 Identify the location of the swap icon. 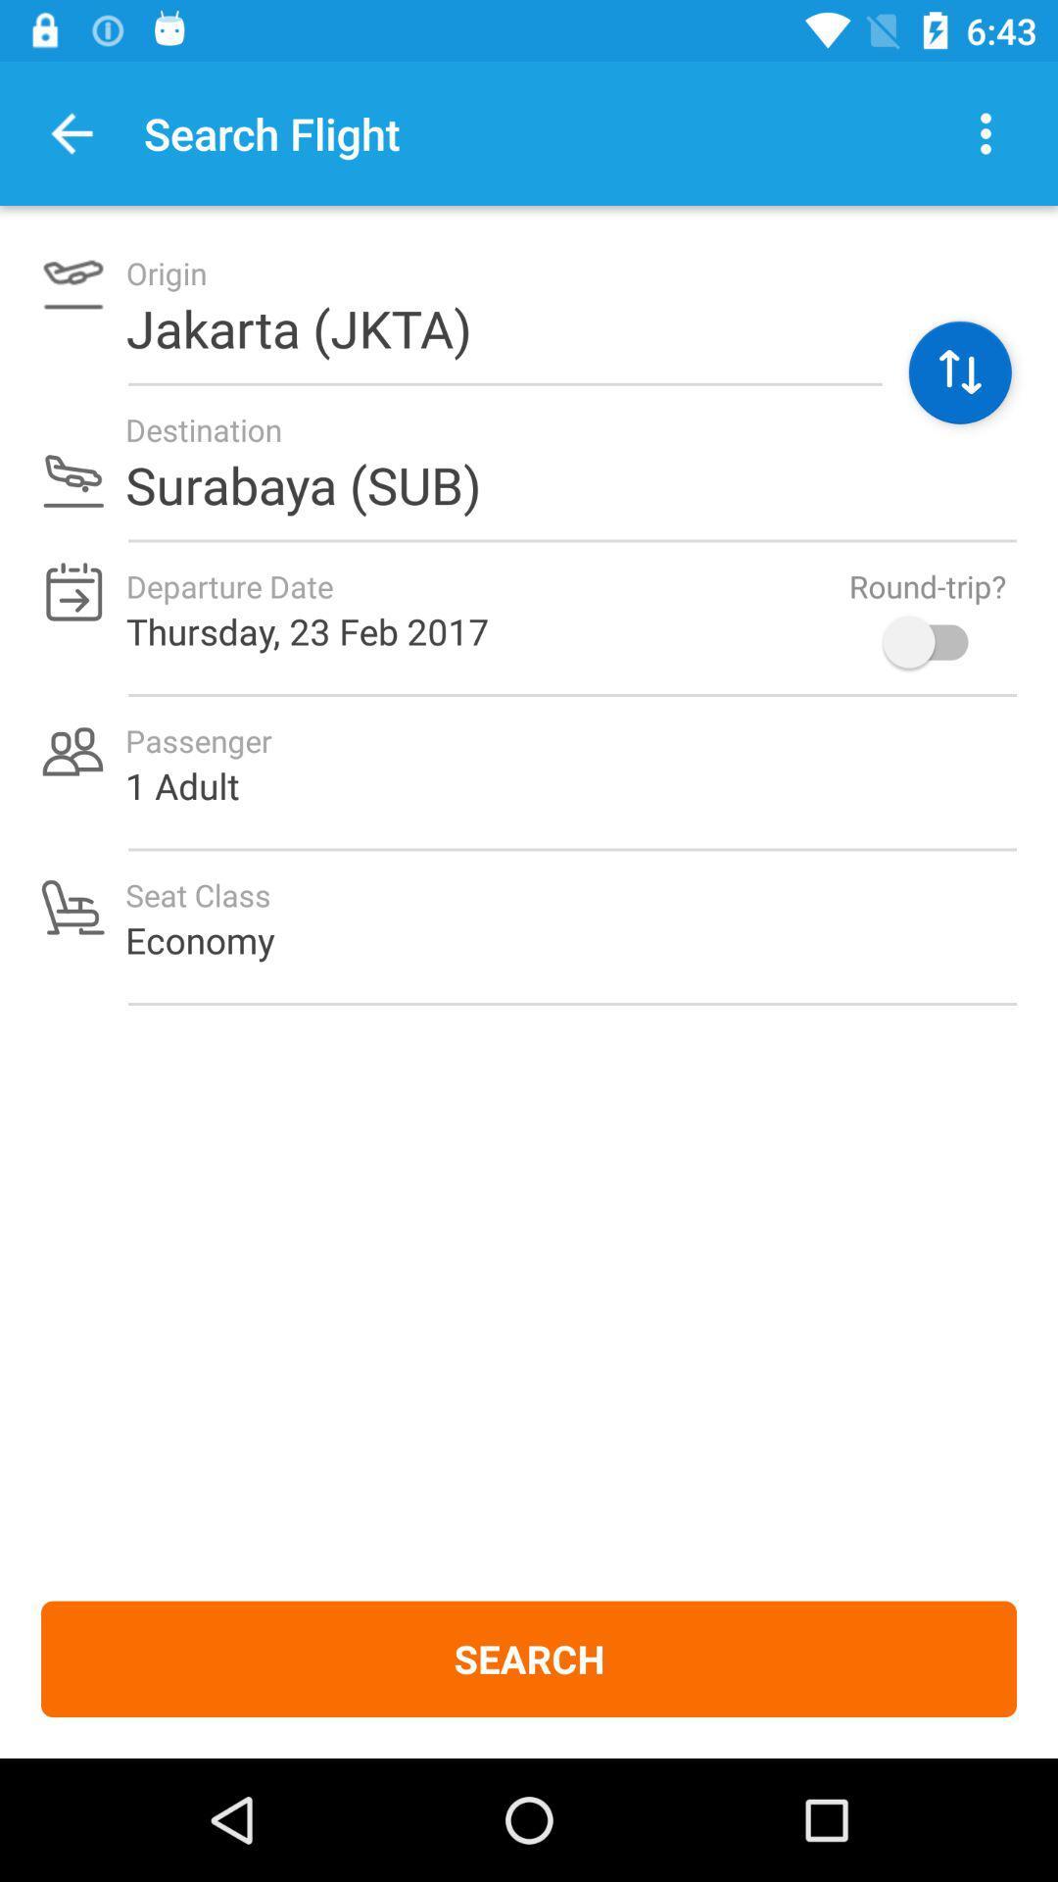
(959, 372).